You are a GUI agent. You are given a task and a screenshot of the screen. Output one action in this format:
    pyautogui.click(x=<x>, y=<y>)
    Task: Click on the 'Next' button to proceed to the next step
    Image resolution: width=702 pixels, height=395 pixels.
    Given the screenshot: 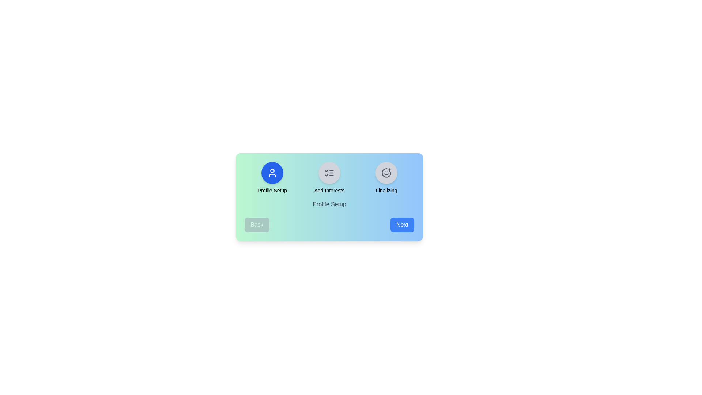 What is the action you would take?
    pyautogui.click(x=402, y=224)
    